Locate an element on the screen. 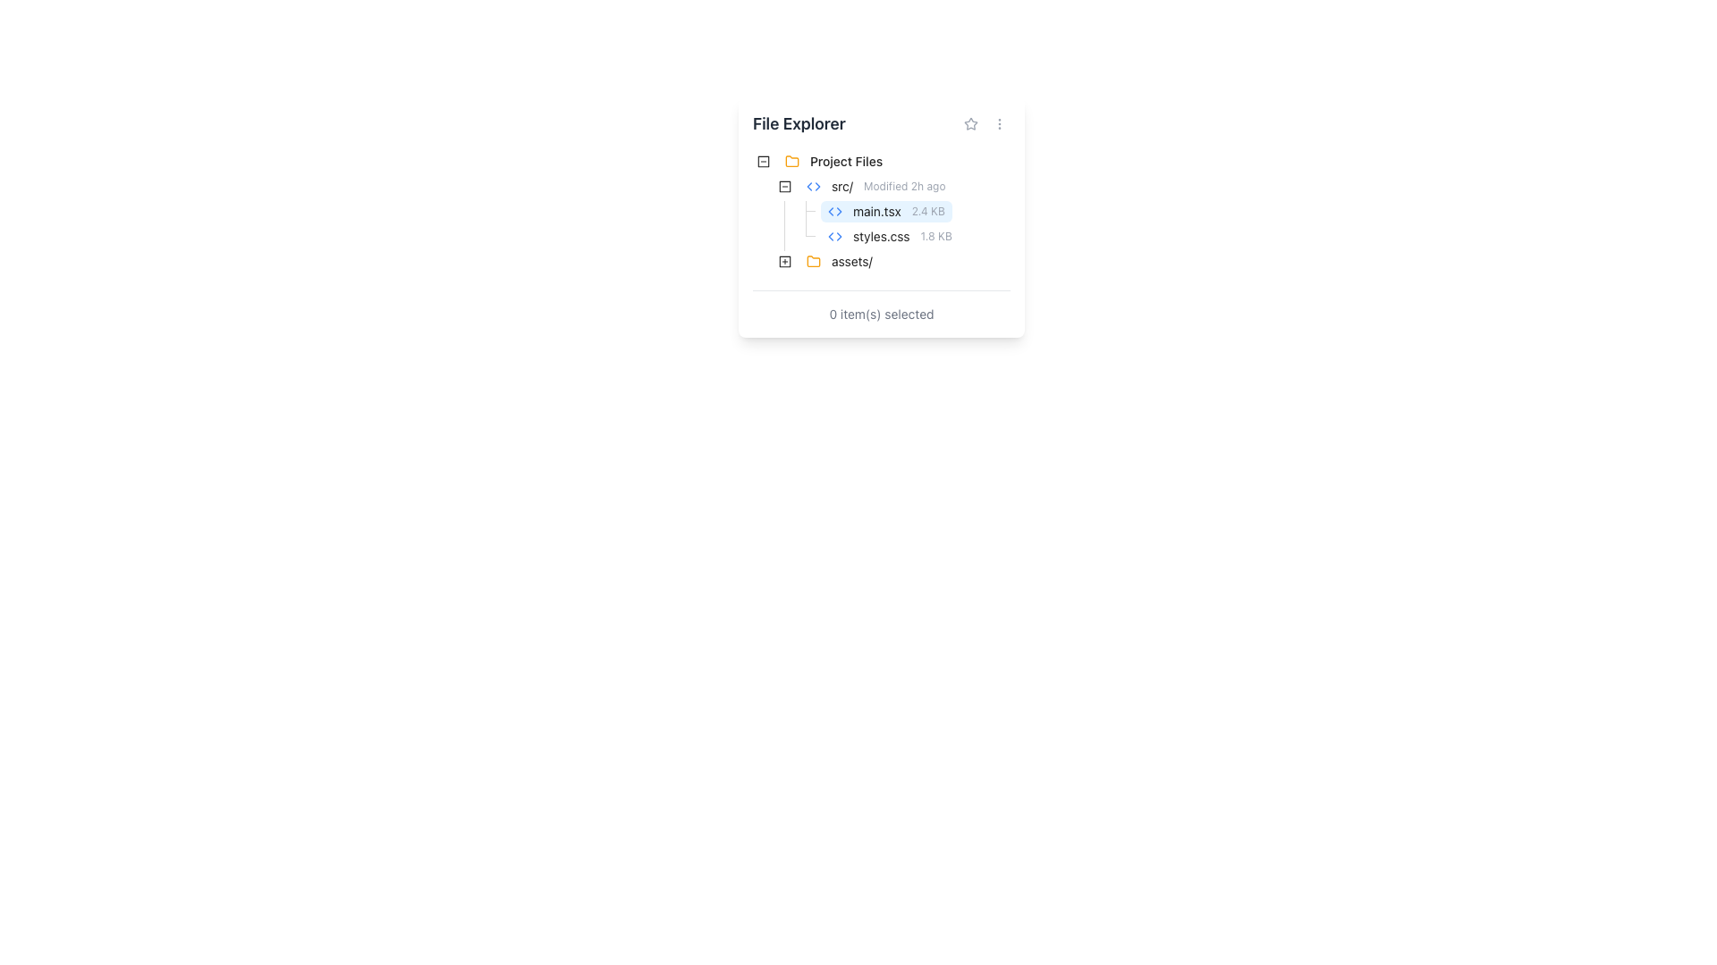 The image size is (1717, 965). the golden folder icon component in the file explorer interface, which is visually styled and positioned near the top-left of the content panel is located at coordinates (791, 161).